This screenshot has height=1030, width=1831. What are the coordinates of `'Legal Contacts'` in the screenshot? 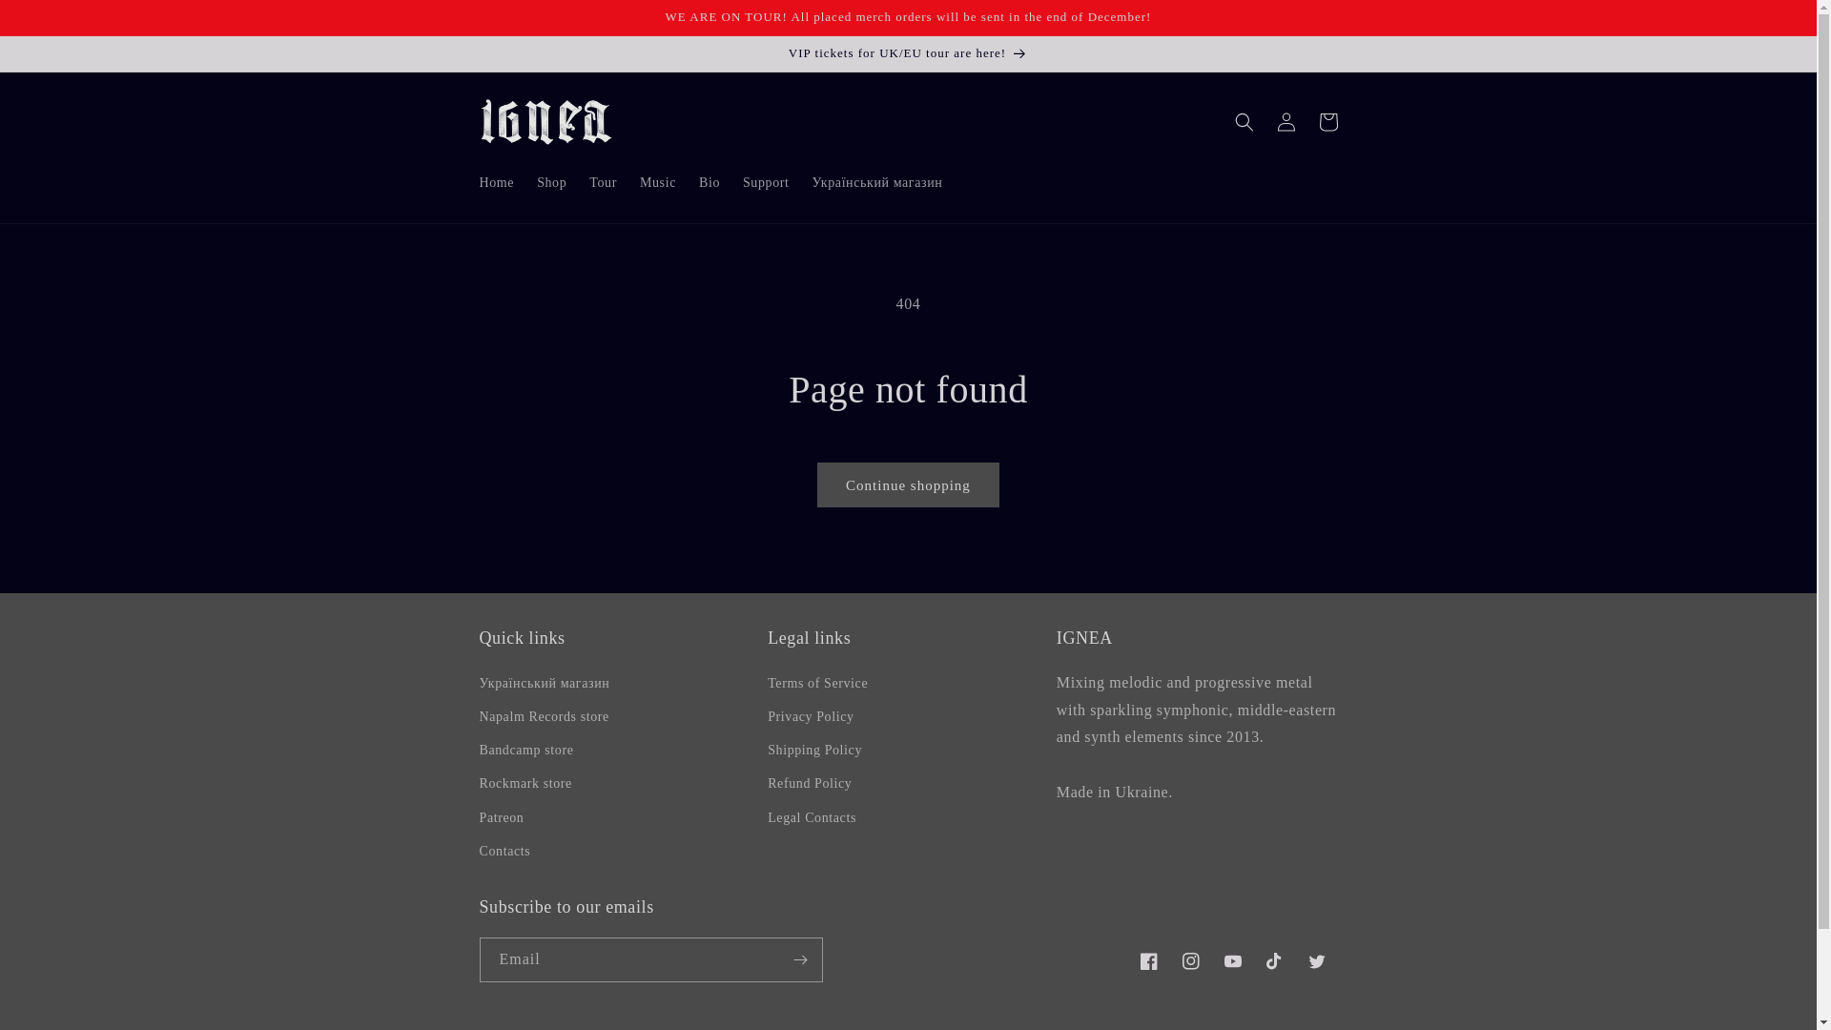 It's located at (812, 816).